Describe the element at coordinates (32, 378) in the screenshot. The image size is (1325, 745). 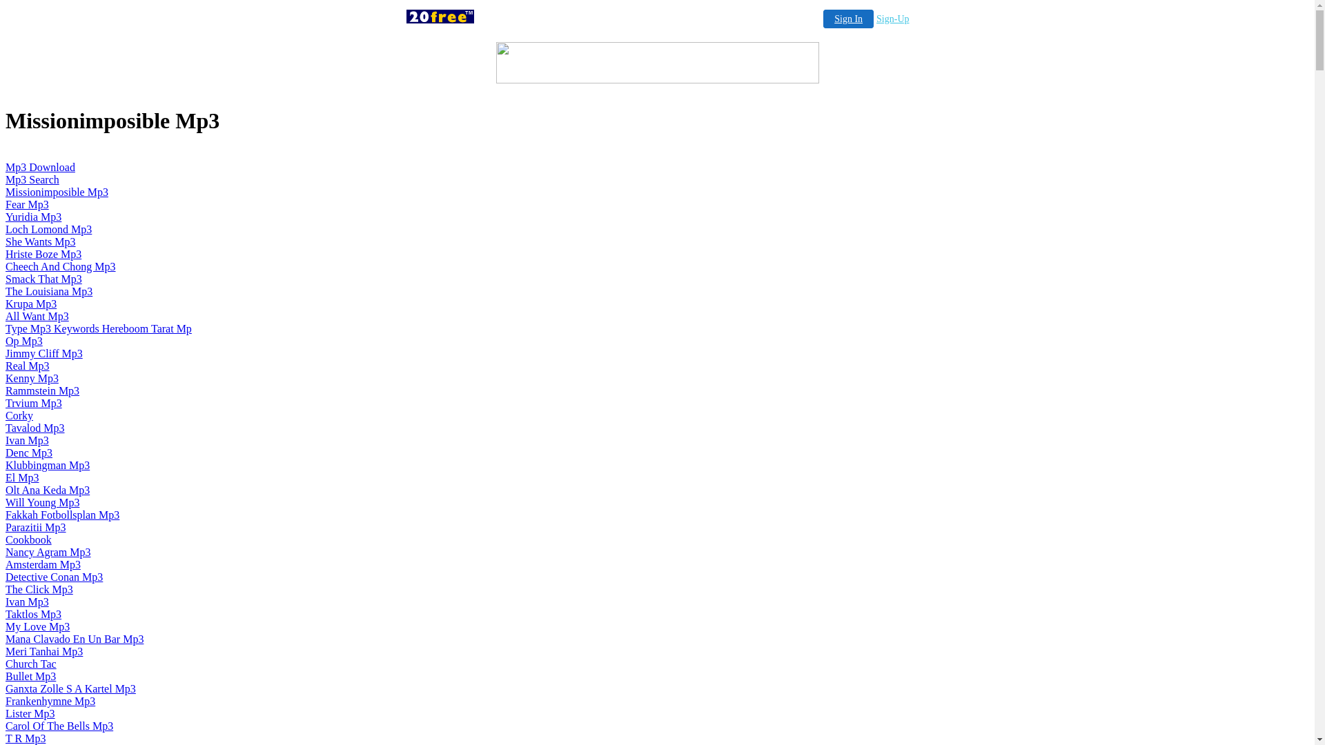
I see `'Kenny Mp3'` at that location.